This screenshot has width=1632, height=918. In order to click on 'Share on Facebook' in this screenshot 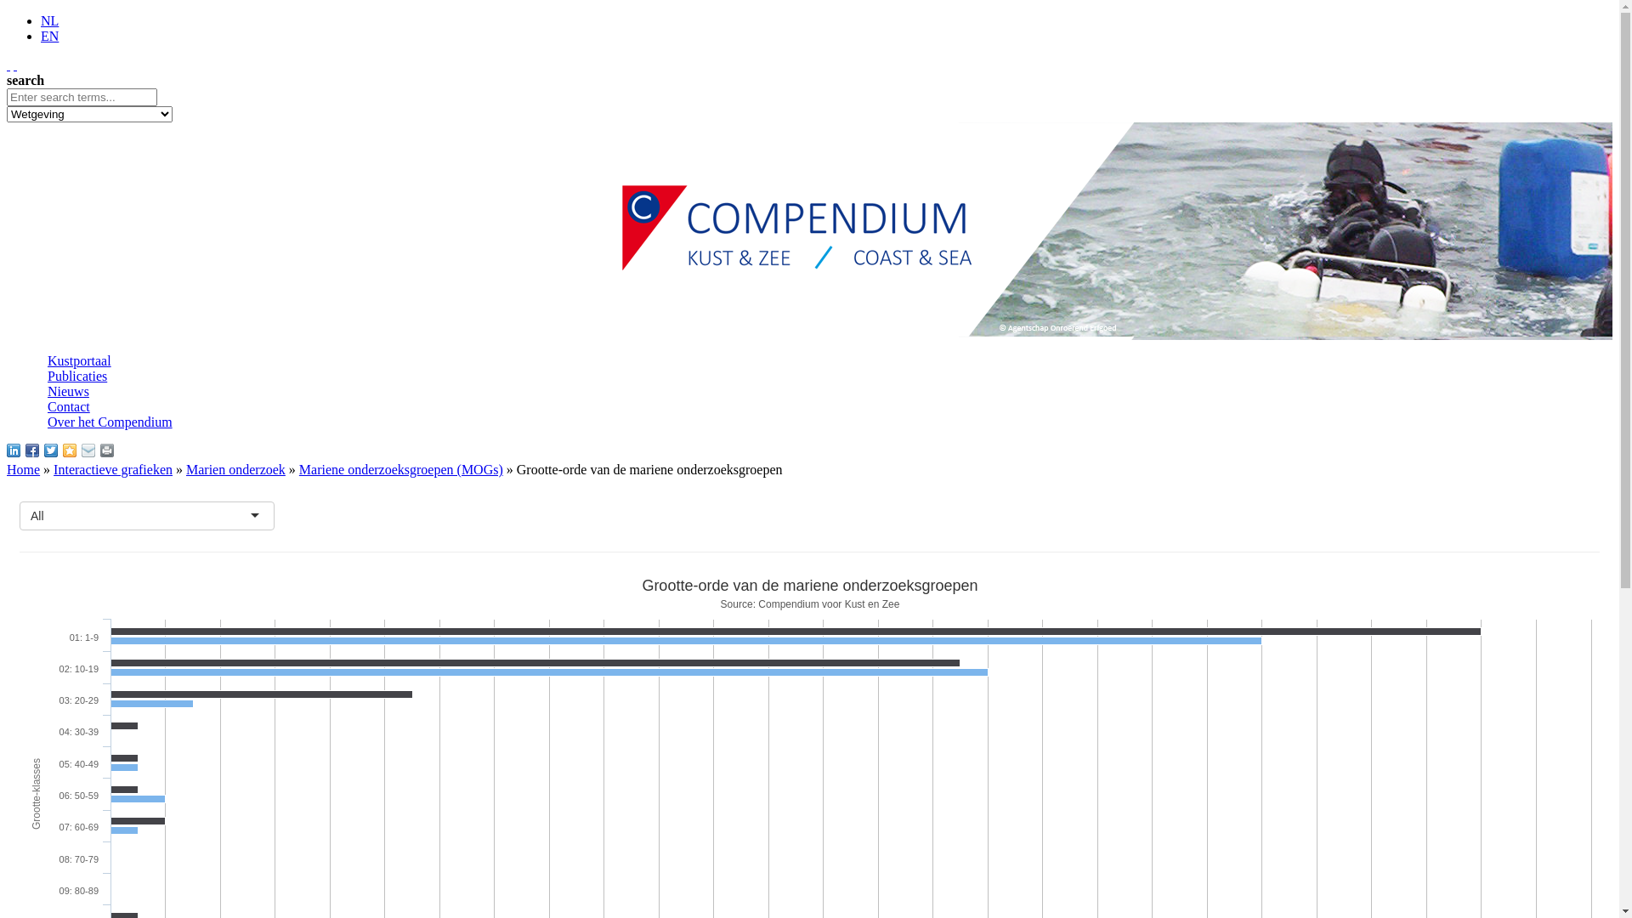, I will do `click(32, 449)`.